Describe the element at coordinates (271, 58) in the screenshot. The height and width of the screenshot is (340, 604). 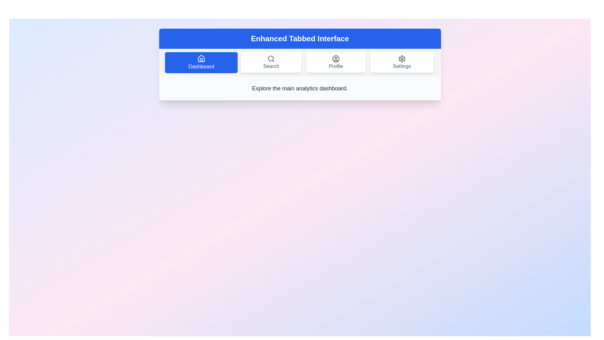
I see `the Circle graphic element that is part of the 'Search' tab icon` at that location.